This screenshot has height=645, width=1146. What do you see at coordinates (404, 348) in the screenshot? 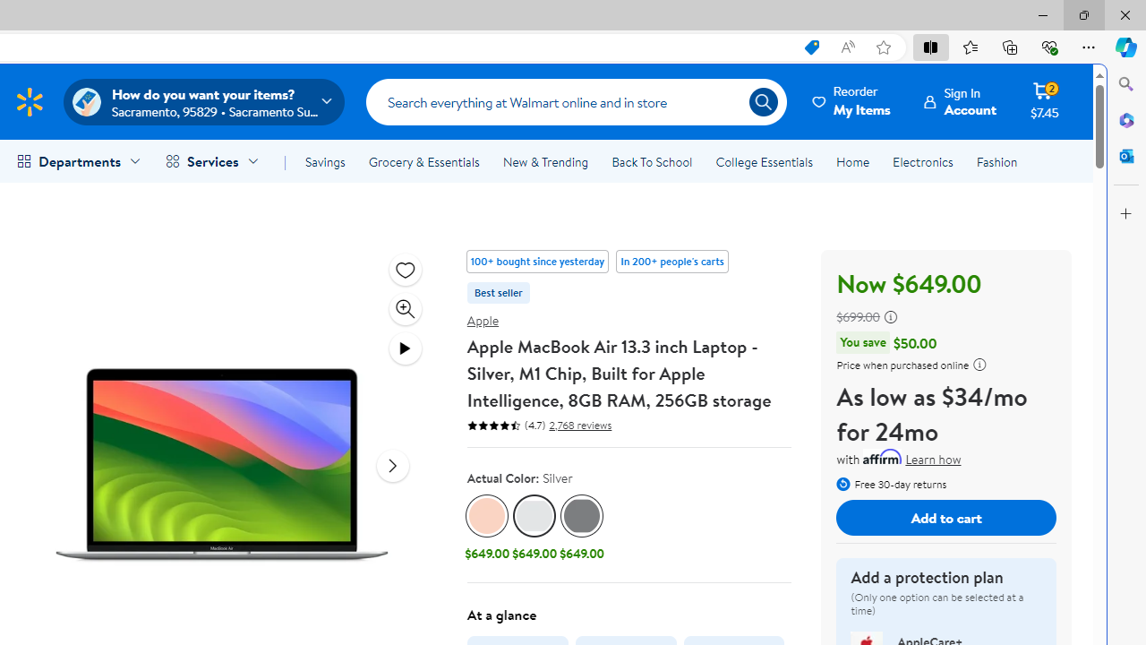
I see `'View video'` at bounding box center [404, 348].